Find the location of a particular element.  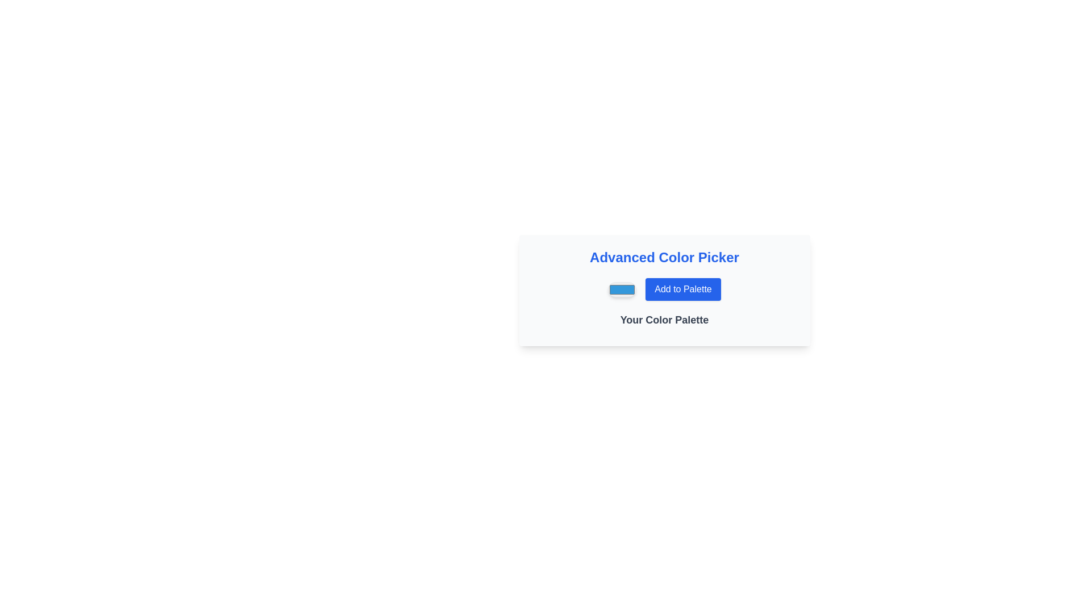

the color picker button located to the left of the 'Add to Palette' blue button is located at coordinates (622, 288).